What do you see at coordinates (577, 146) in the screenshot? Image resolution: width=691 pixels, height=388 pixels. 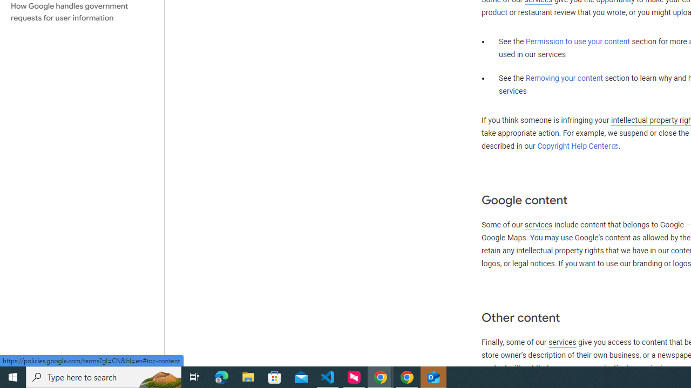 I see `'Copyright Help Center'` at bounding box center [577, 146].